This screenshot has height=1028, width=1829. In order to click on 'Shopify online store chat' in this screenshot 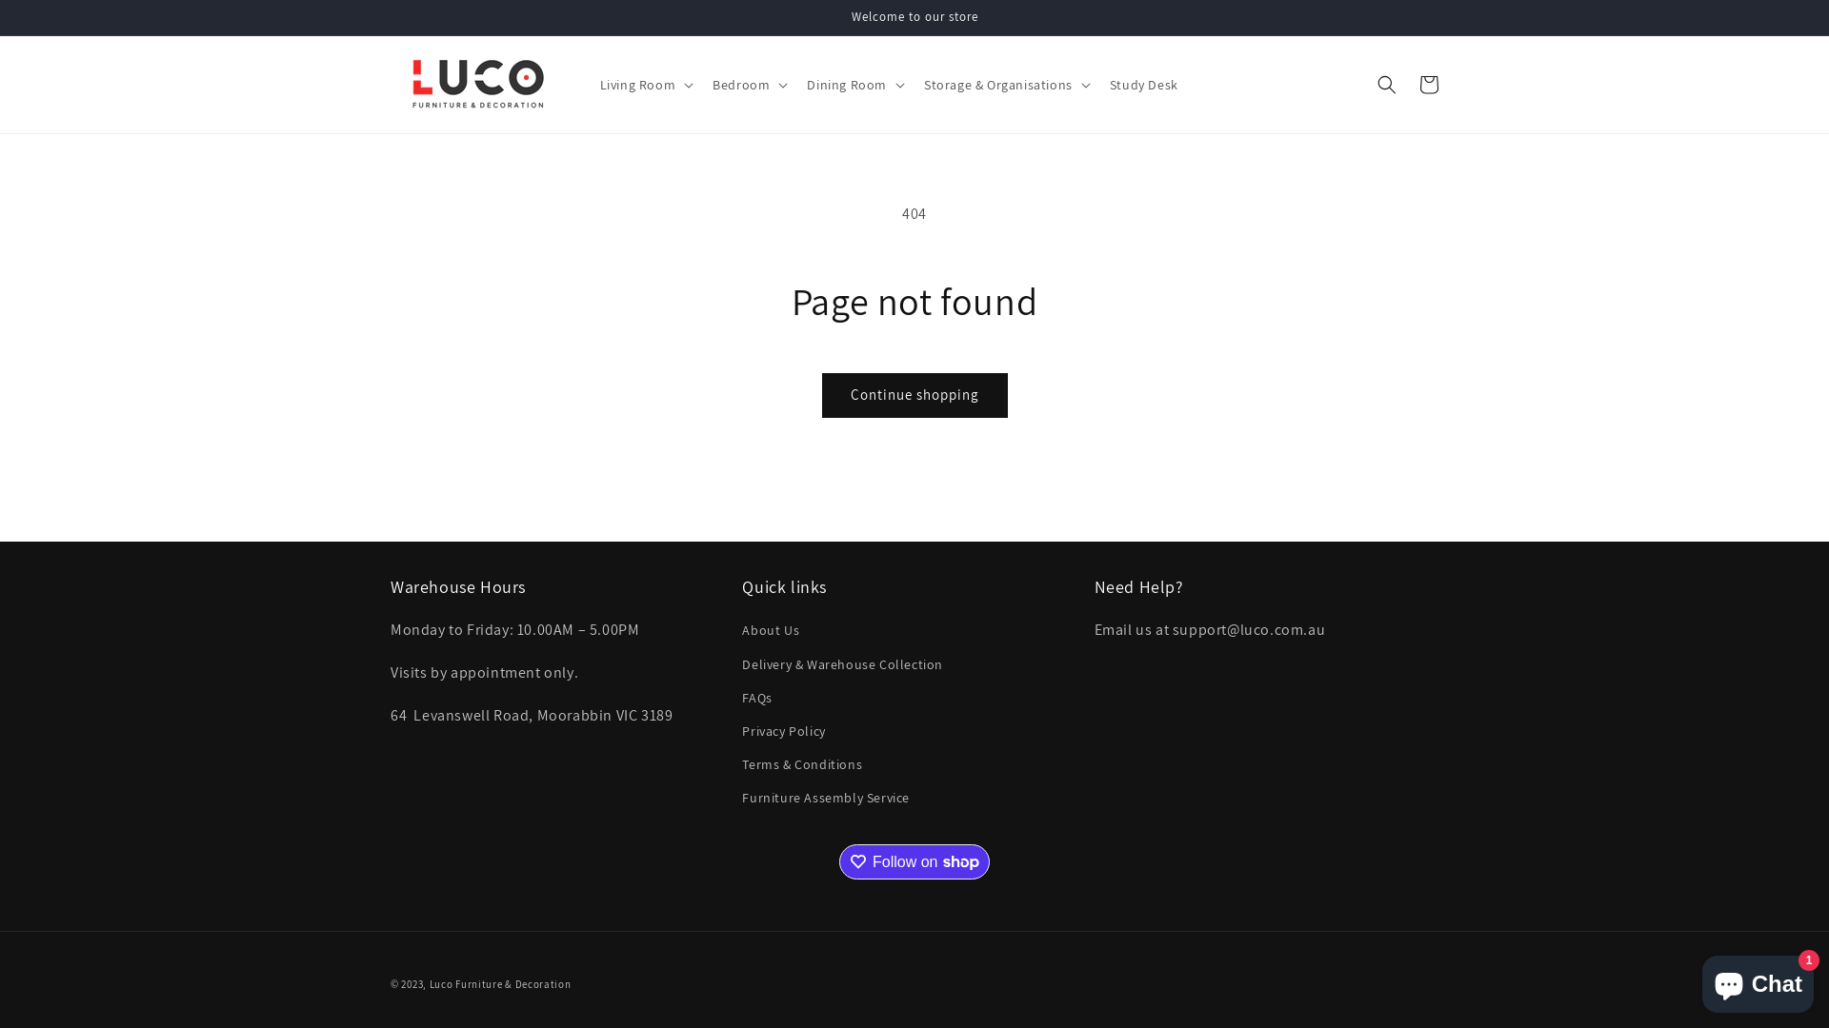, I will do `click(1757, 979)`.